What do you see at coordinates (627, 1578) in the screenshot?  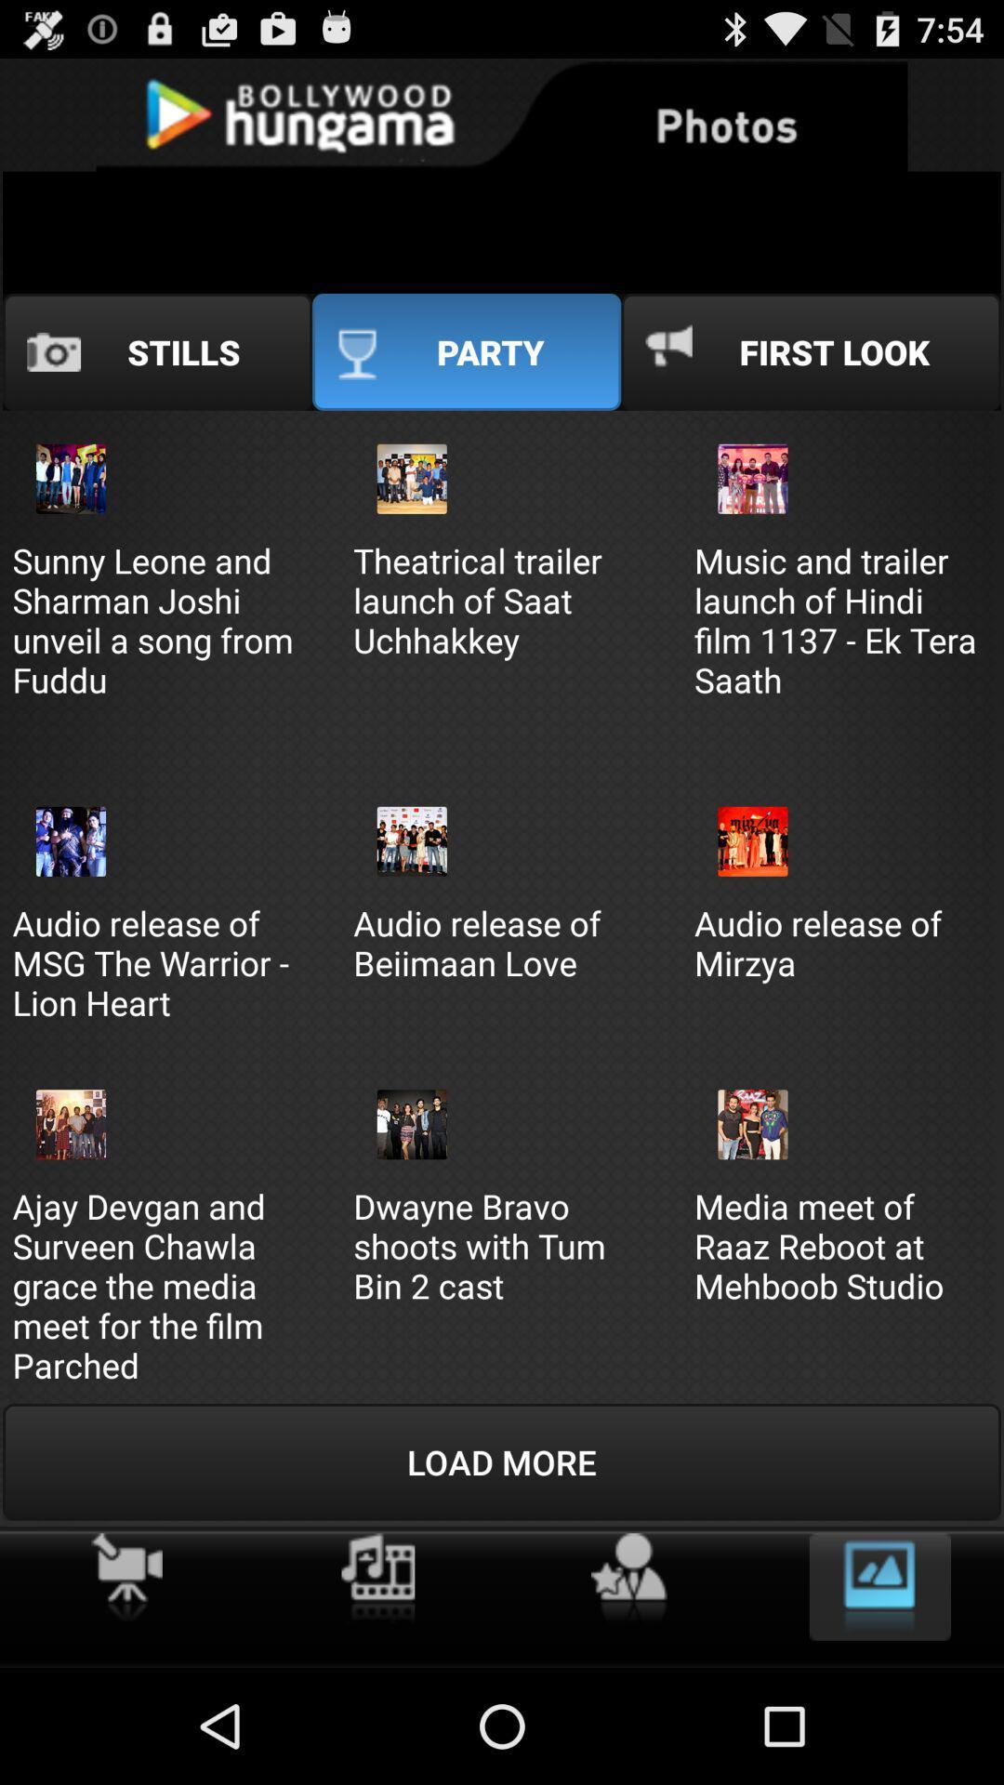 I see `favorities` at bounding box center [627, 1578].